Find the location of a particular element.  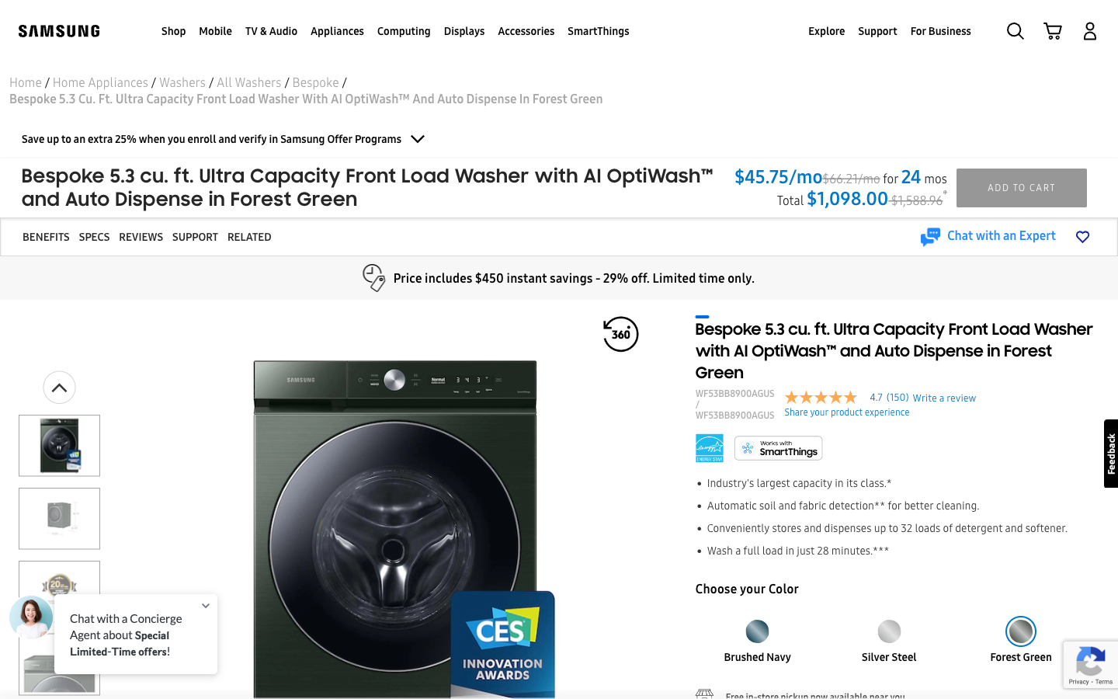

Go to the beginning of the photo gallery and enlarge the first image is located at coordinates (59, 386).